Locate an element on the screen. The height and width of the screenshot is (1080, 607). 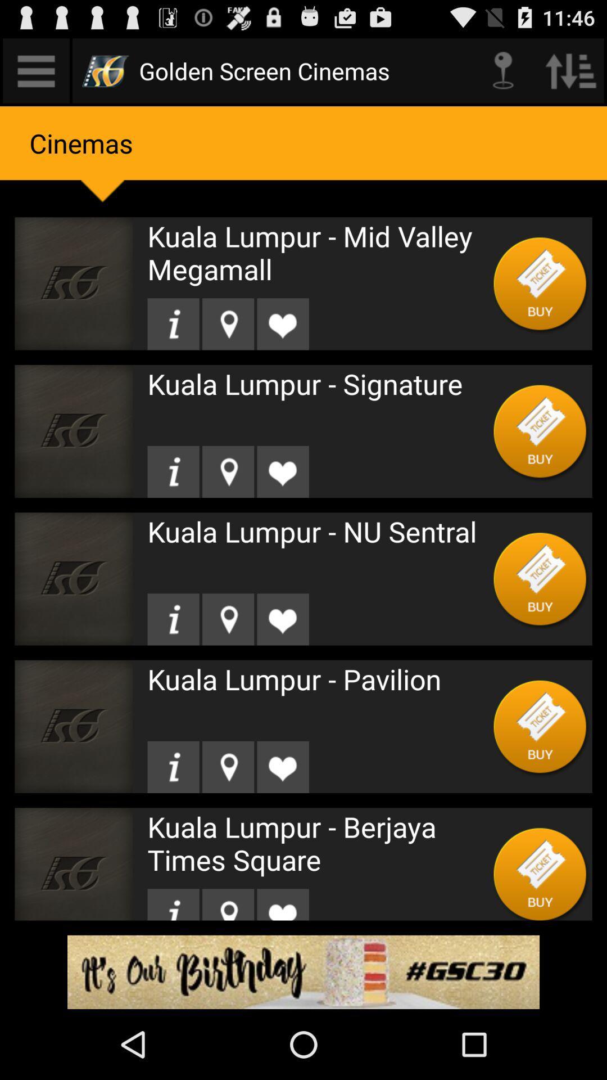
location button is located at coordinates (173, 323).